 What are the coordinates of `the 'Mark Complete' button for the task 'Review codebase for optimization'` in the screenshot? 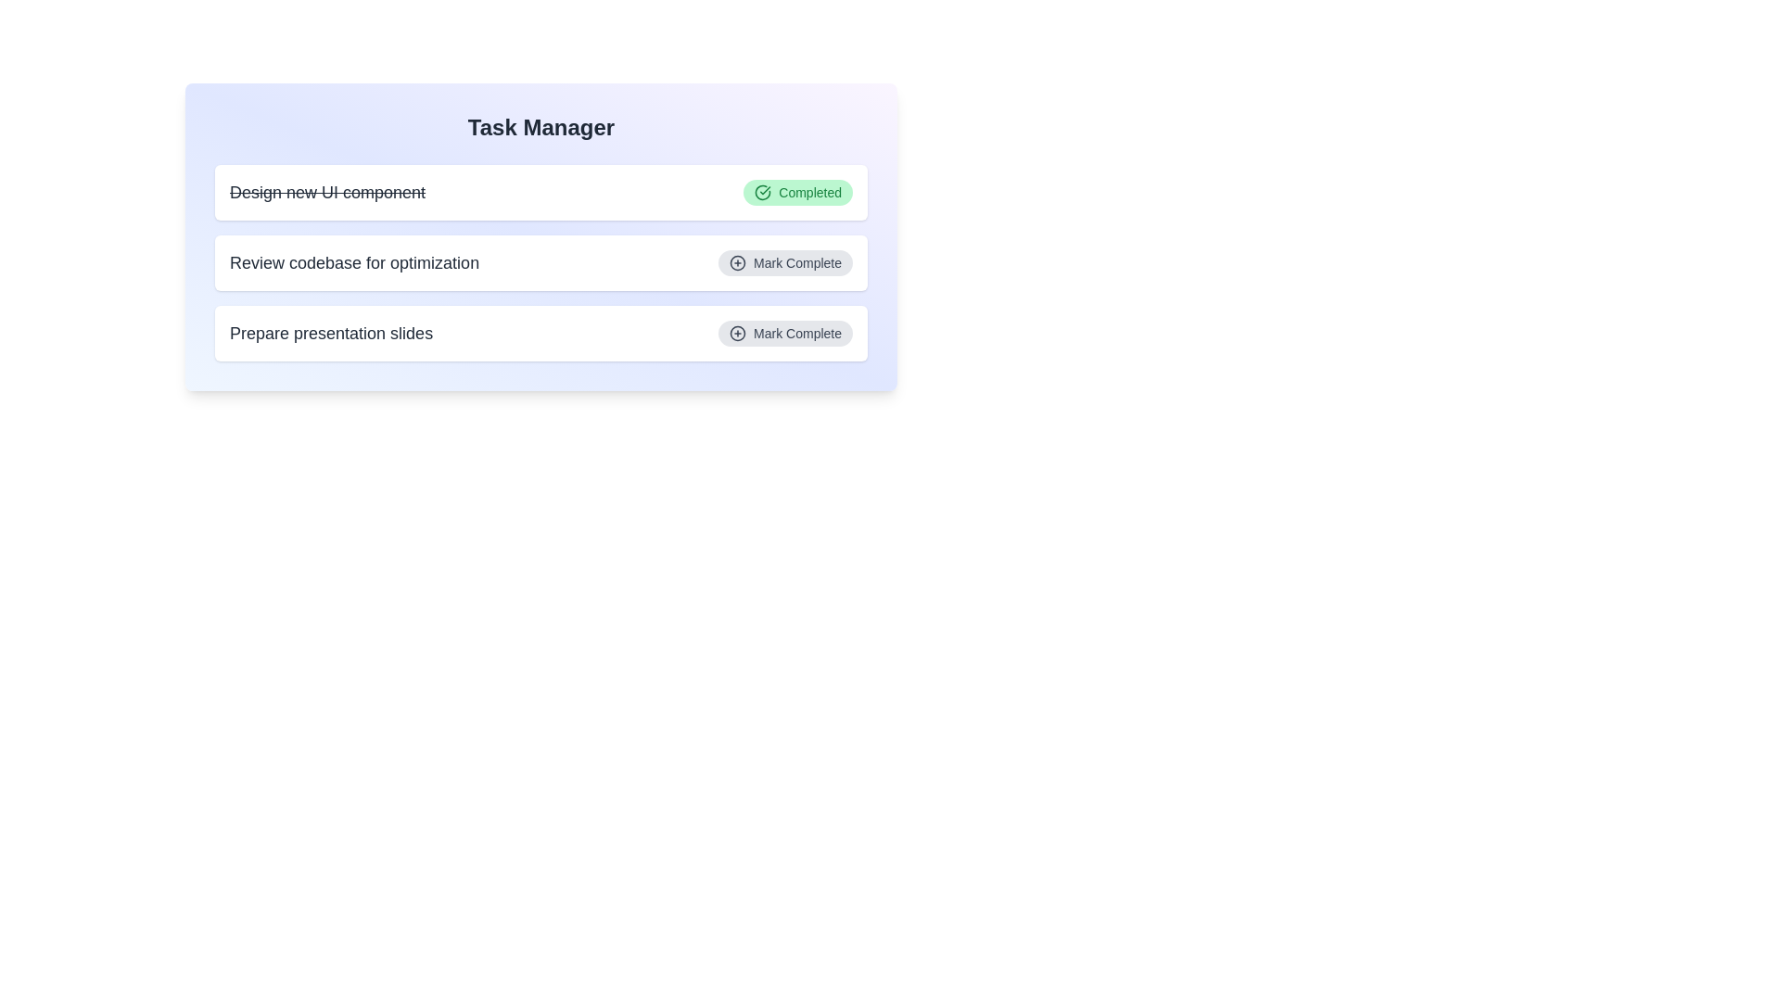 It's located at (785, 263).